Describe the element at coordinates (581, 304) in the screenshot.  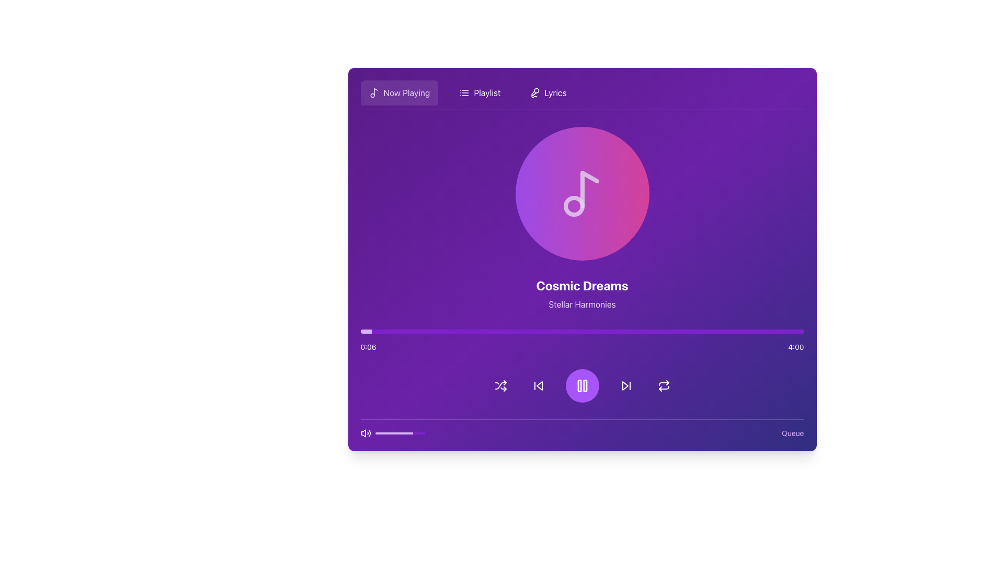
I see `the text label that serves as a subtitle under 'Cosmic Dreams' for reading or selection` at that location.